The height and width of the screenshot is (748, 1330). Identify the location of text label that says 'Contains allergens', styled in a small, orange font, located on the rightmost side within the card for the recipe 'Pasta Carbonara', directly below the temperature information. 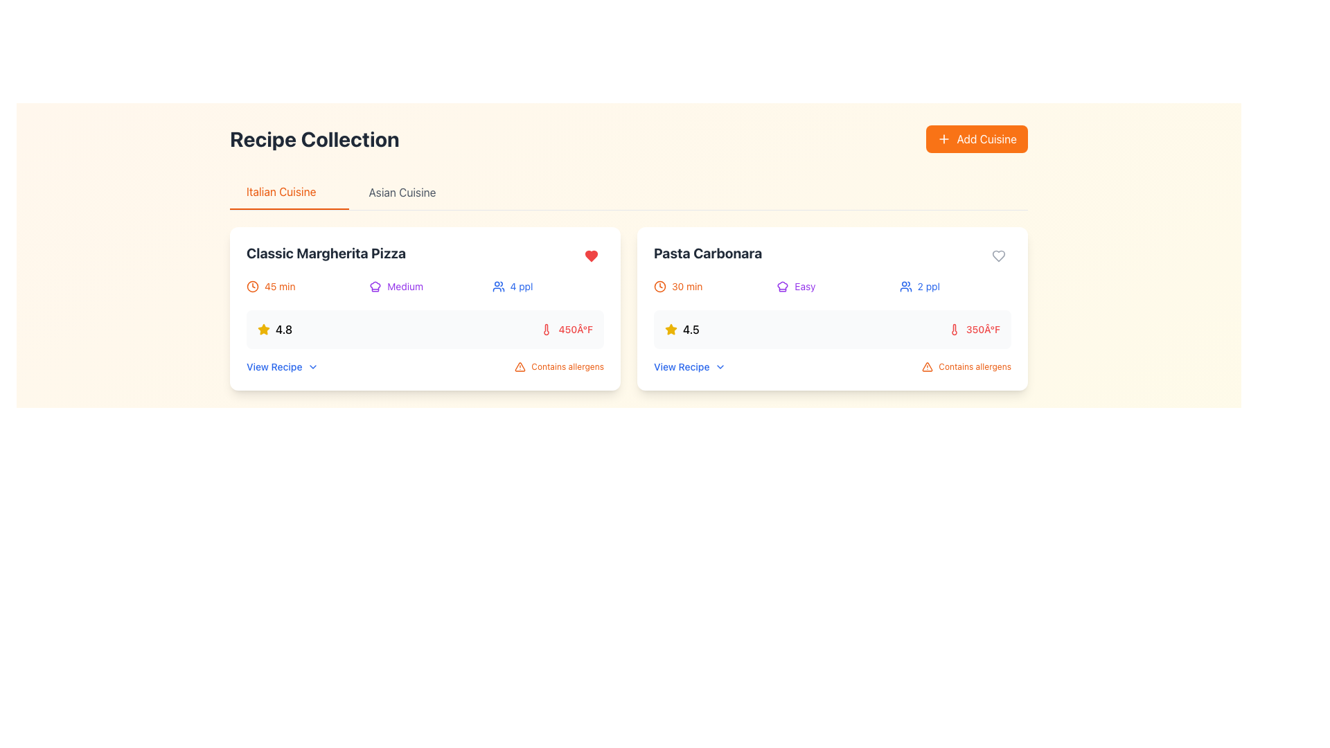
(974, 366).